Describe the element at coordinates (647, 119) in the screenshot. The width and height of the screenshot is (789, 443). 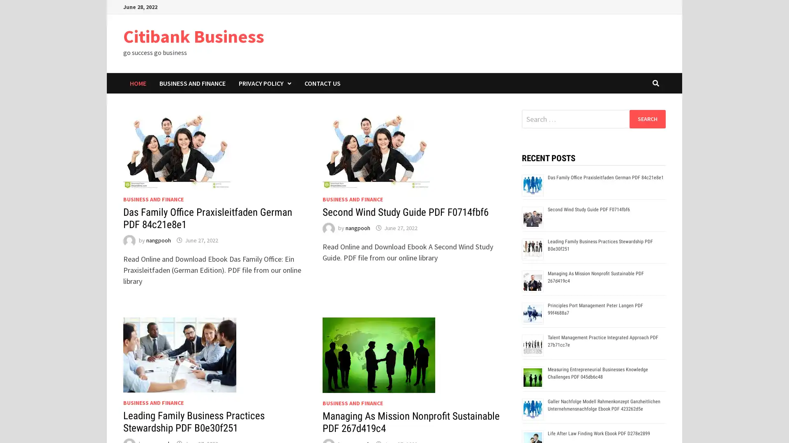
I see `Search` at that location.